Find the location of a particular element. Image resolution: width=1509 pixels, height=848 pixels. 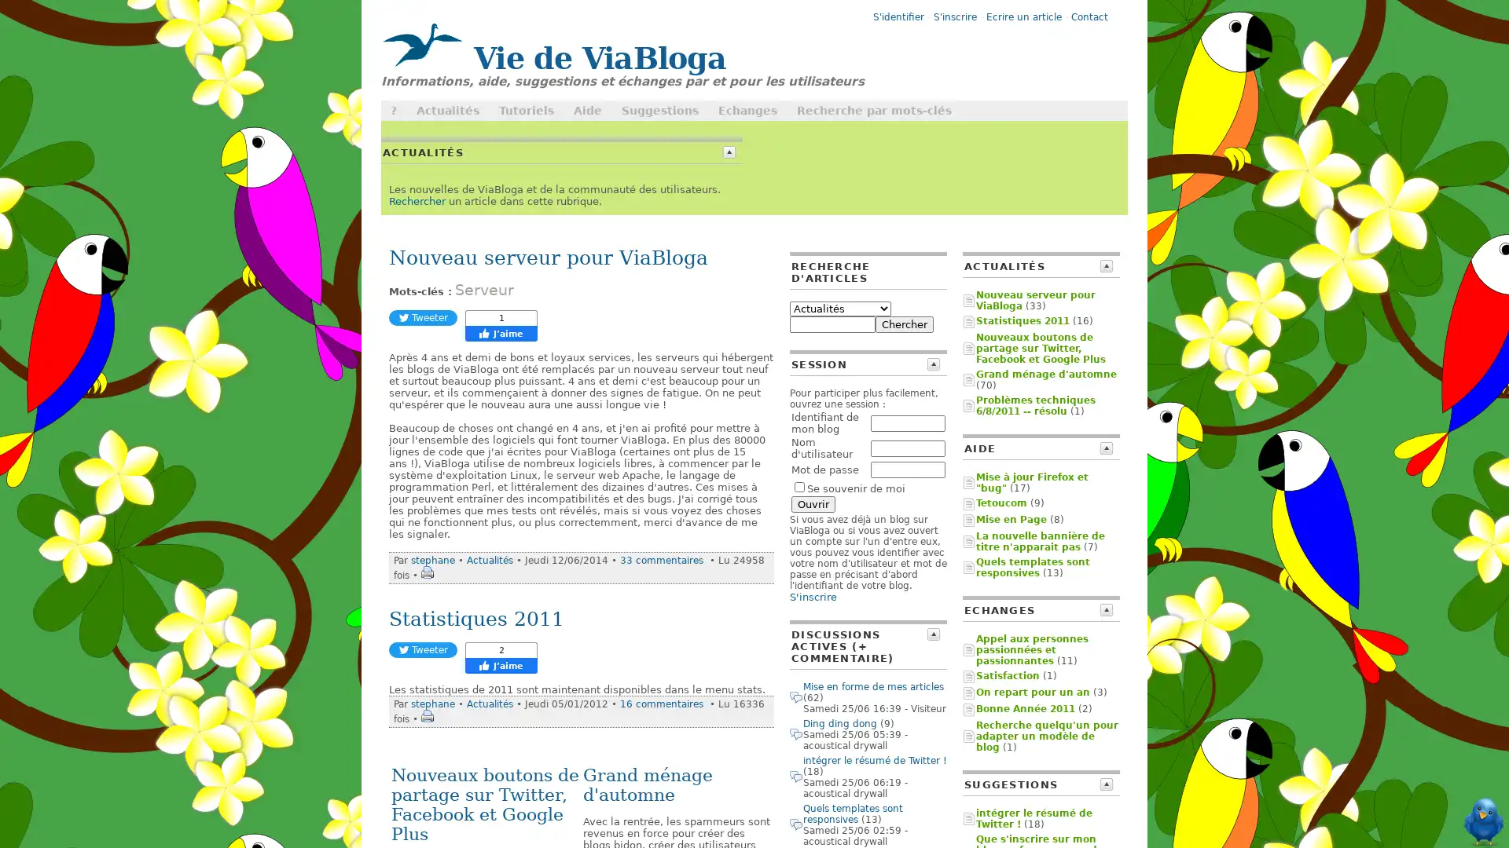

Chercher is located at coordinates (905, 323).